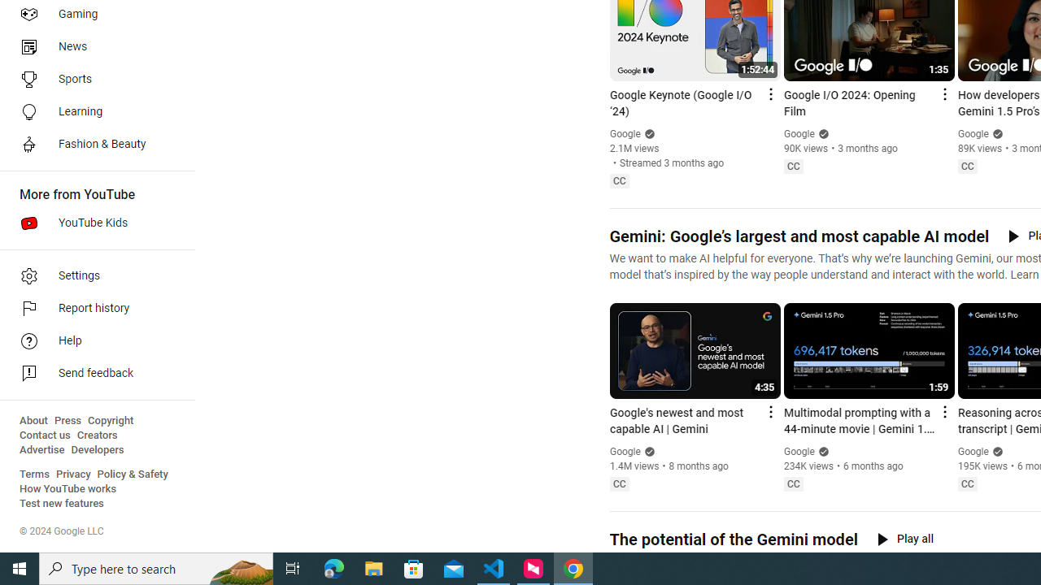  What do you see at coordinates (904, 539) in the screenshot?
I see `'Play all'` at bounding box center [904, 539].